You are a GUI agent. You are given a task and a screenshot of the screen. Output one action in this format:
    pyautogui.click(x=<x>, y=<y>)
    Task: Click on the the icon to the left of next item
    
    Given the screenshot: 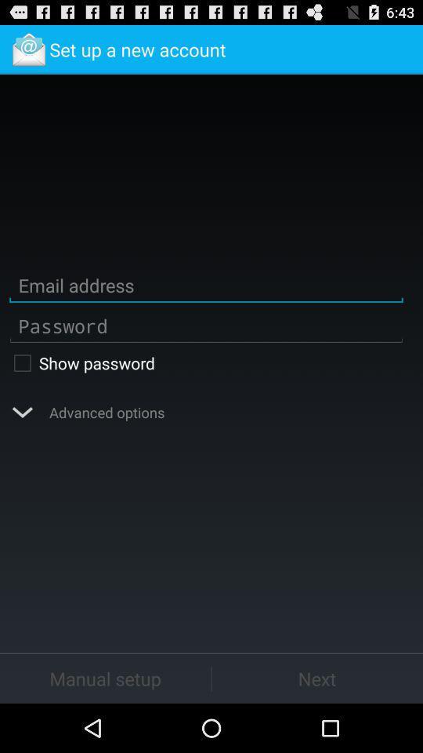 What is the action you would take?
    pyautogui.click(x=105, y=678)
    